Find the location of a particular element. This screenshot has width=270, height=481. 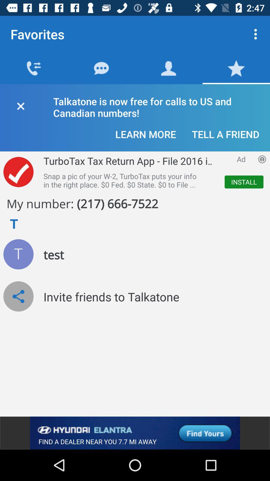

window is located at coordinates (20, 105).